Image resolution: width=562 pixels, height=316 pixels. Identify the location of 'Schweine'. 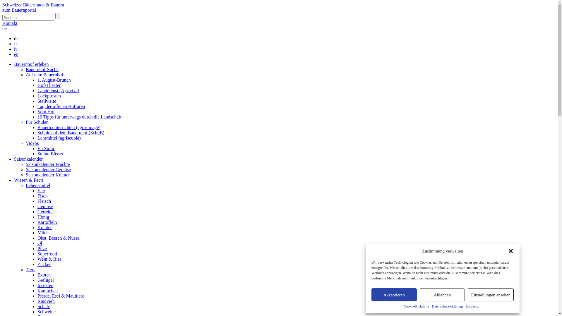
(46, 311).